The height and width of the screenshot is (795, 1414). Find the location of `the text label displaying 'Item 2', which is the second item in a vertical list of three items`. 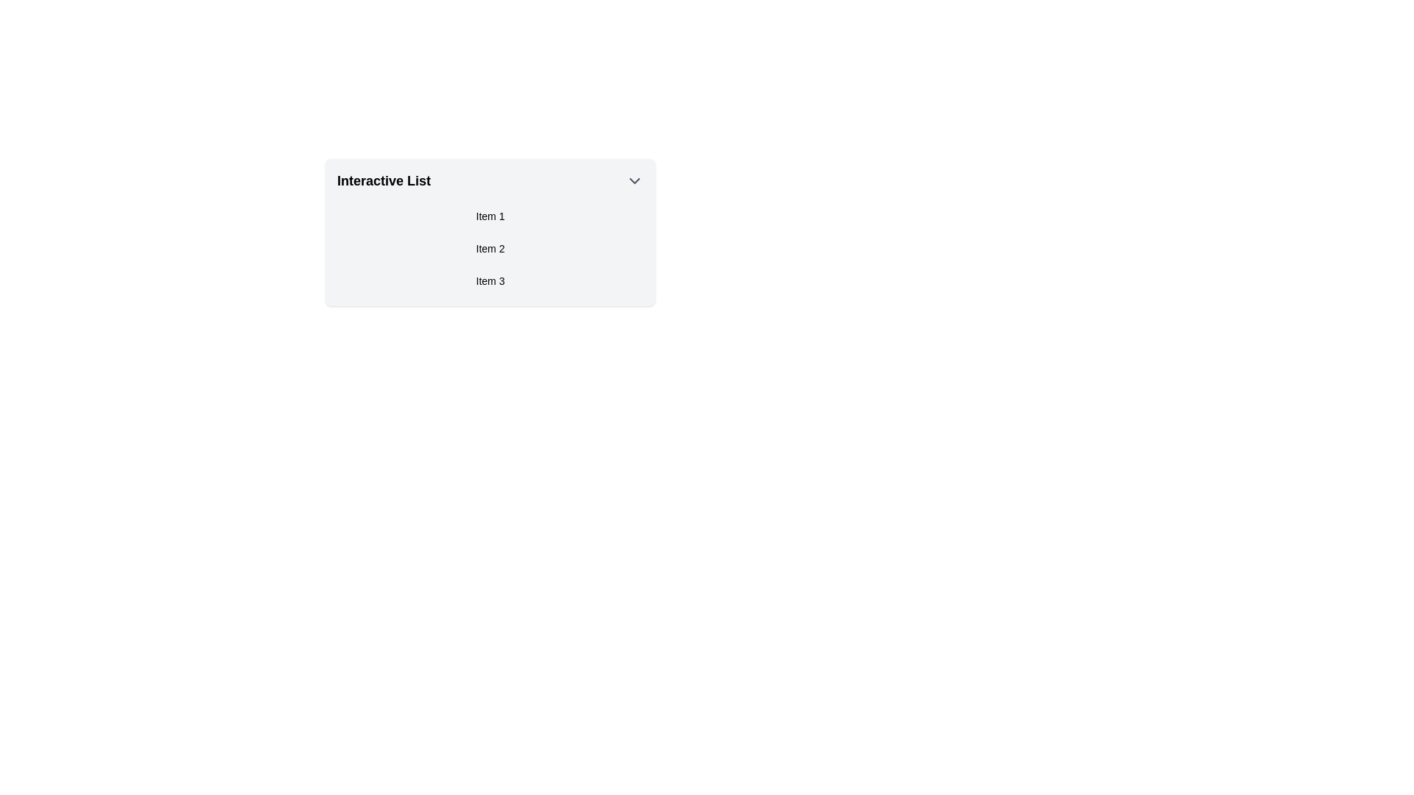

the text label displaying 'Item 2', which is the second item in a vertical list of three items is located at coordinates (490, 248).